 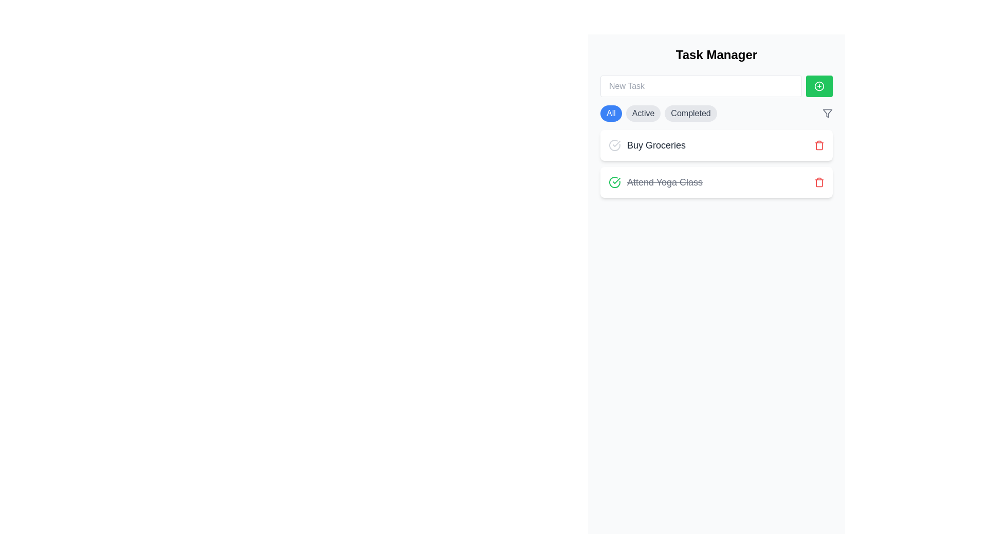 What do you see at coordinates (614, 145) in the screenshot?
I see `the light gray circular icon with a checkmark located before the 'Buy Groceries' text` at bounding box center [614, 145].